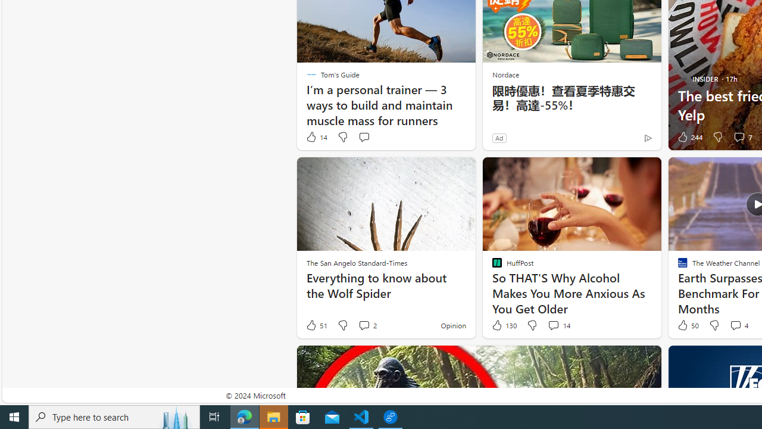 The image size is (762, 429). Describe the element at coordinates (687, 325) in the screenshot. I see `'50 Like'` at that location.